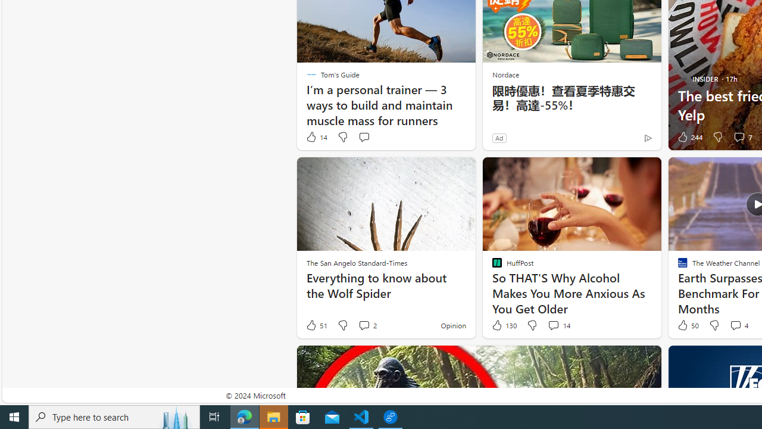 The image size is (762, 429). Describe the element at coordinates (687, 325) in the screenshot. I see `'50 Like'` at that location.